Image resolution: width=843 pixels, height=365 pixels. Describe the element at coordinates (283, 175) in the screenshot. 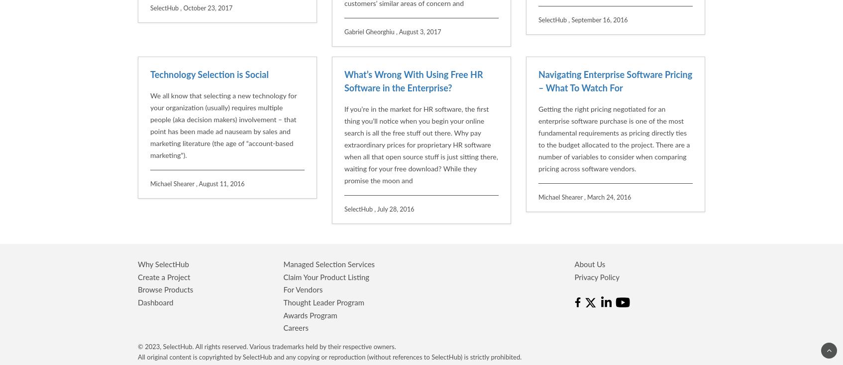

I see `'Claim Your Product Listing'` at that location.